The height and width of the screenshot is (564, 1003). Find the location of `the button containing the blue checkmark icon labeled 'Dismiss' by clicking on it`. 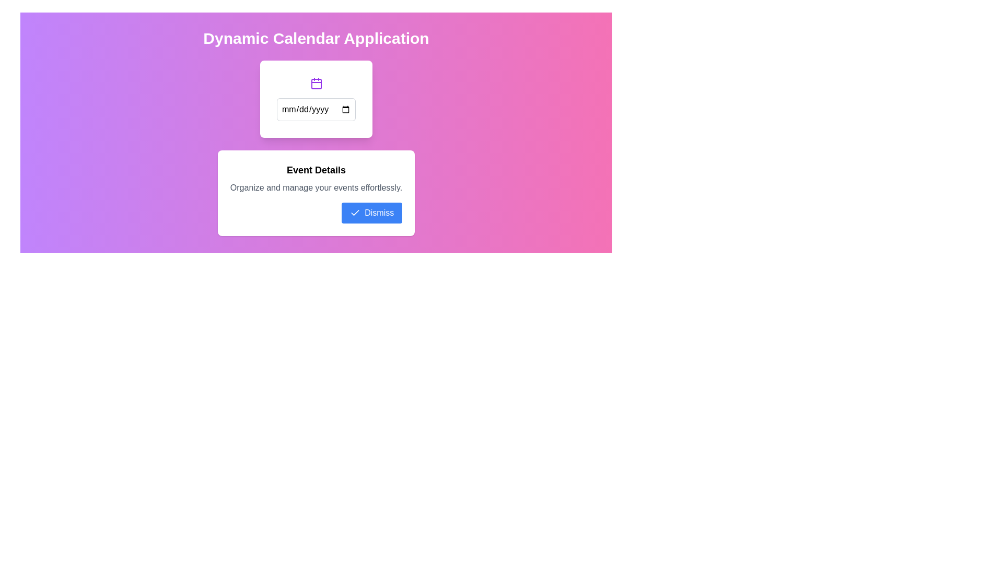

the button containing the blue checkmark icon labeled 'Dismiss' by clicking on it is located at coordinates (355, 213).